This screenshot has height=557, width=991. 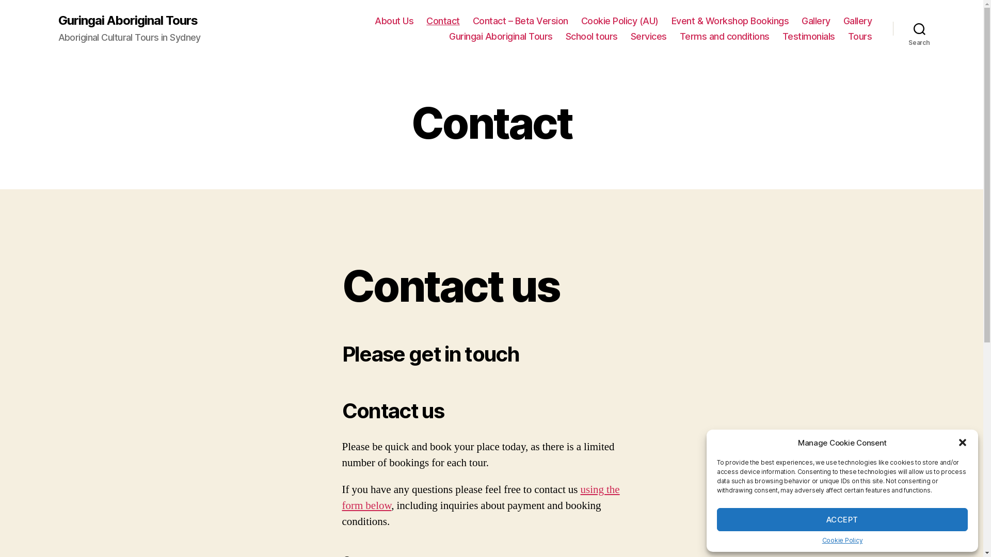 I want to click on 'Services', so click(x=648, y=36).